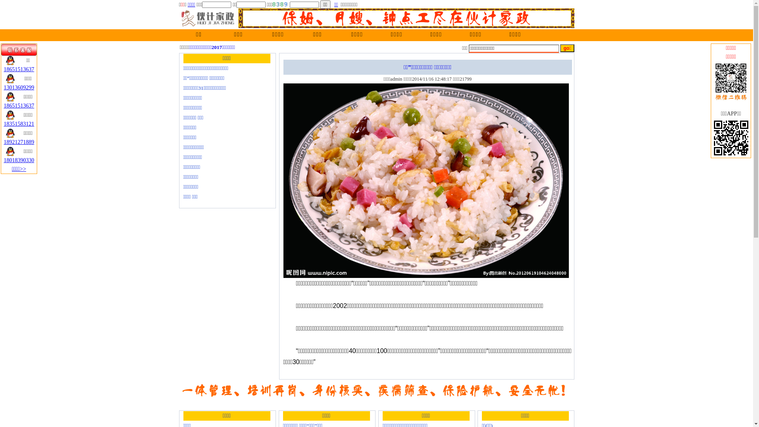  I want to click on '18651513637', so click(4, 69).